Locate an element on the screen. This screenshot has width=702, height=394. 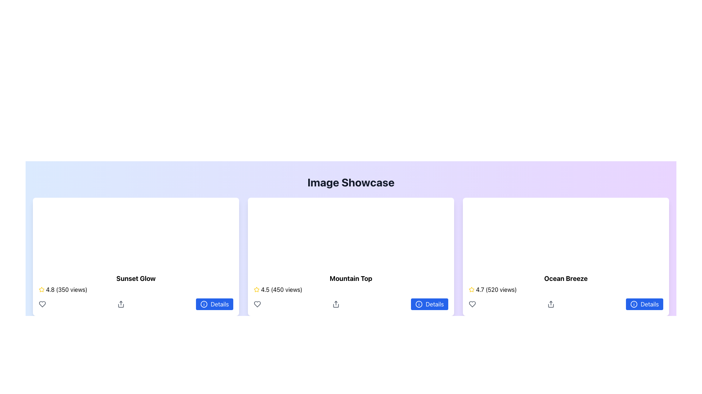
the Icon (Rating Star) that visually represents the rating score for 'Mountain Top', located to the left of the text '4.5 (450 views)' in the upper-left corner of the rating section is located at coordinates (256, 289).